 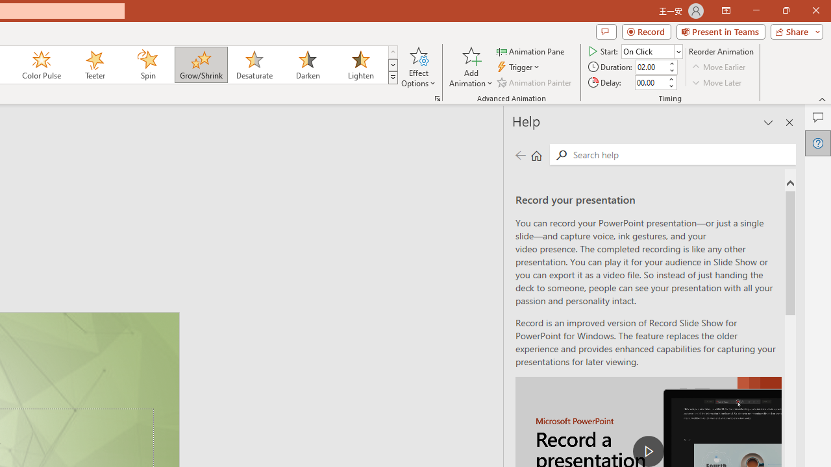 What do you see at coordinates (42, 65) in the screenshot?
I see `'Color Pulse'` at bounding box center [42, 65].